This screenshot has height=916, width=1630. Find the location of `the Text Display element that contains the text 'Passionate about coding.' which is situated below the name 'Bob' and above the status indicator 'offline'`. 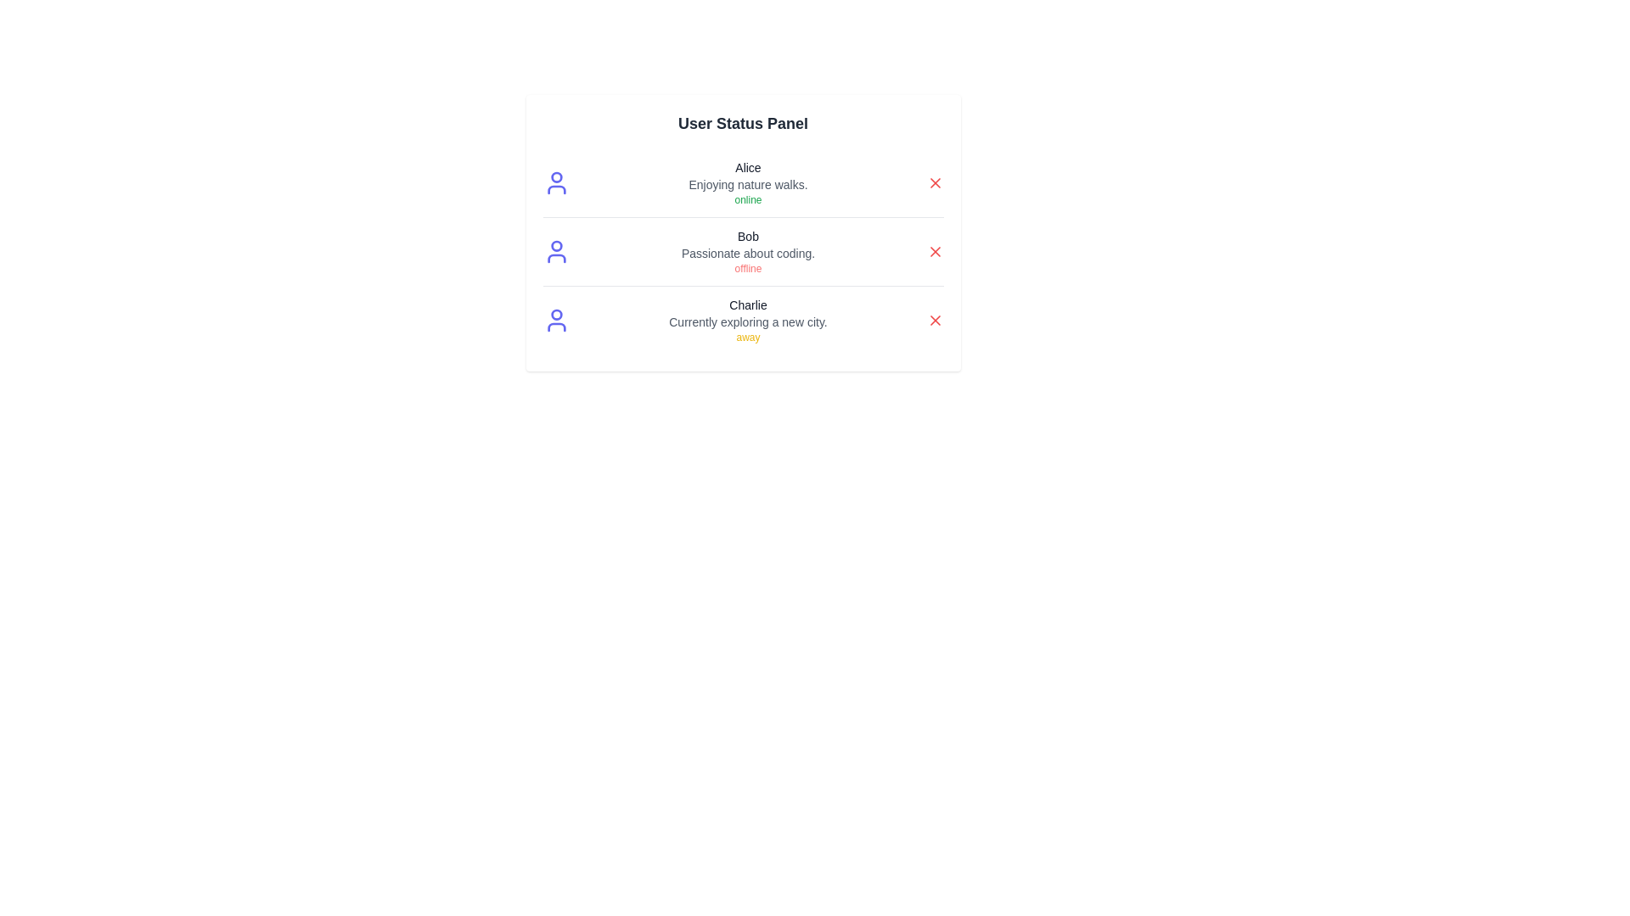

the Text Display element that contains the text 'Passionate about coding.' which is situated below the name 'Bob' and above the status indicator 'offline' is located at coordinates (747, 254).